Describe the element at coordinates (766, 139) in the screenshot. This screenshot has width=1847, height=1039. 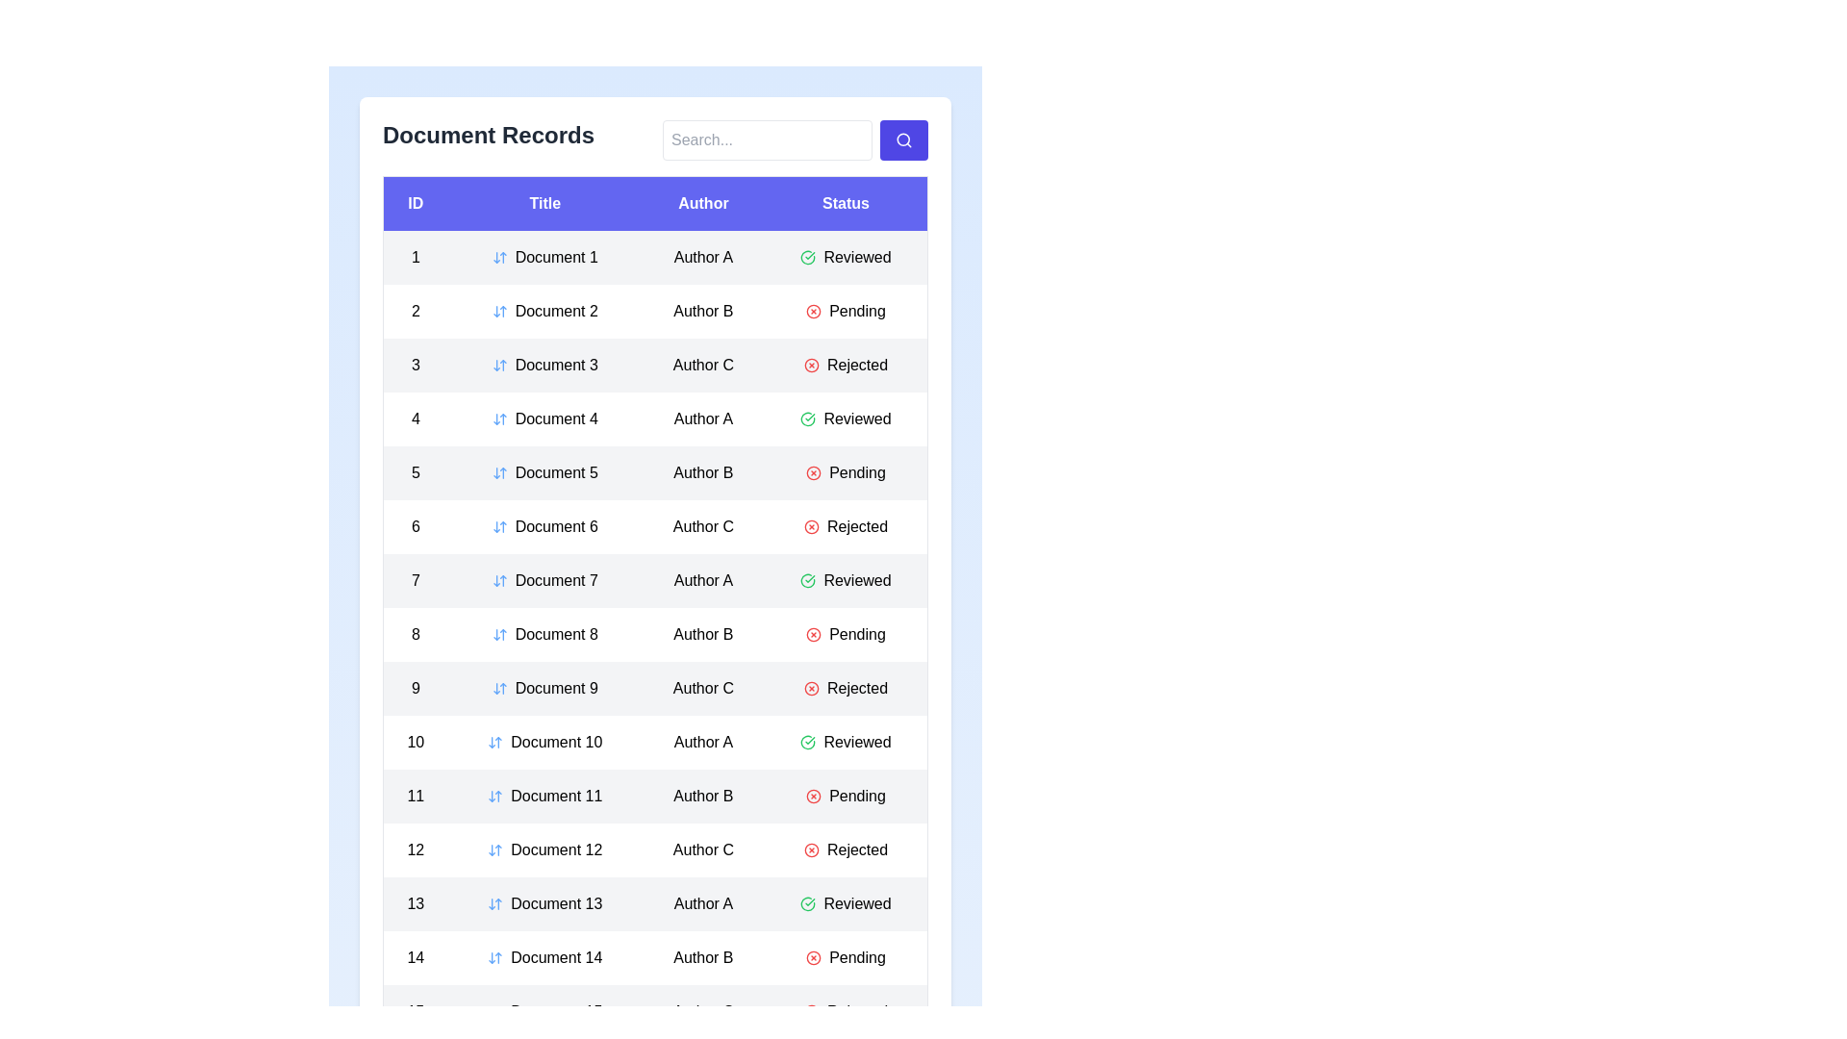
I see `the search input field to focus it` at that location.